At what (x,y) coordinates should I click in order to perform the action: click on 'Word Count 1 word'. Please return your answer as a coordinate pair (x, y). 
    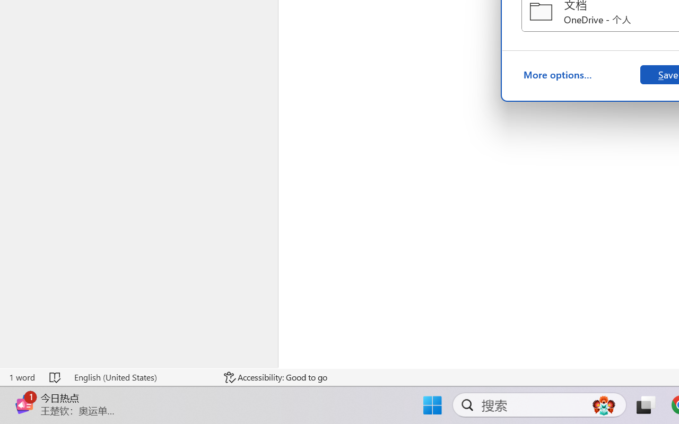
    Looking at the image, I should click on (22, 377).